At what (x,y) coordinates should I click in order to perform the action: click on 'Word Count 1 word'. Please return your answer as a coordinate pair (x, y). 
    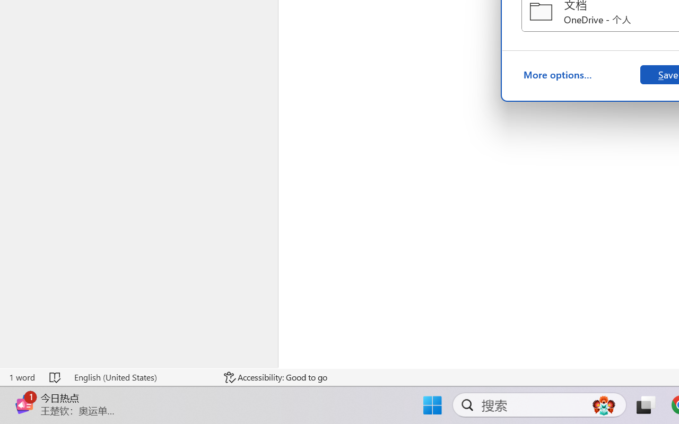
    Looking at the image, I should click on (22, 377).